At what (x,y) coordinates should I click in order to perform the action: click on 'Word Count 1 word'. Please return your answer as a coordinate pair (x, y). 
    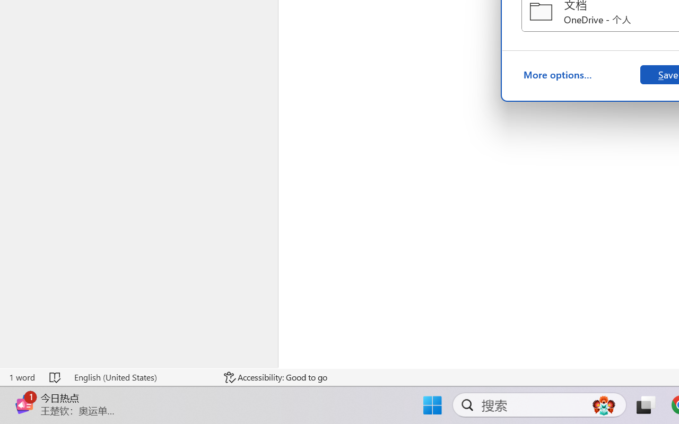
    Looking at the image, I should click on (22, 377).